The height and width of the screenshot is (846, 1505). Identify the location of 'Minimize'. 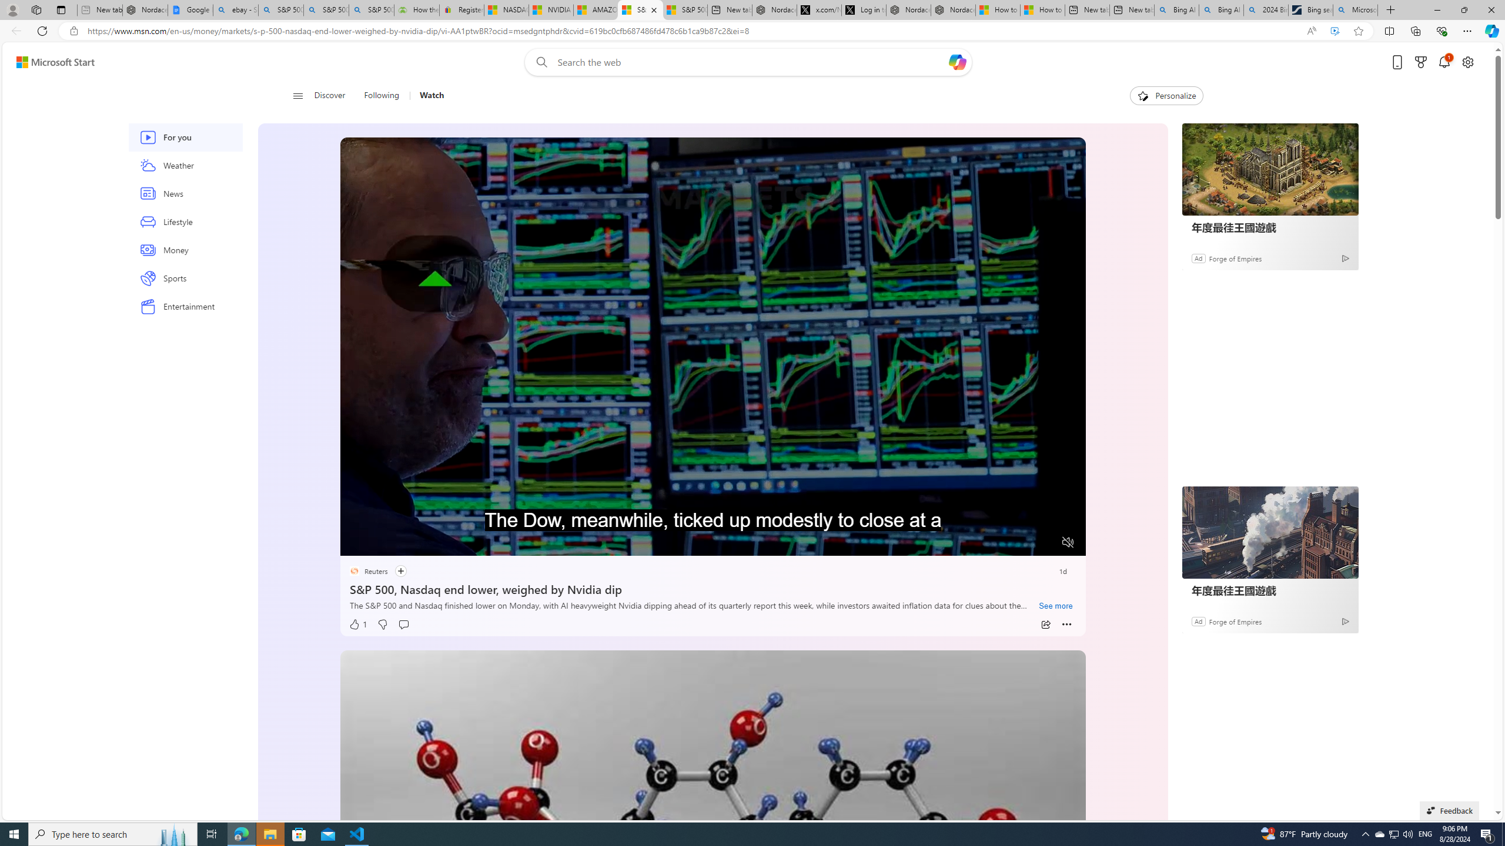
(1436, 9).